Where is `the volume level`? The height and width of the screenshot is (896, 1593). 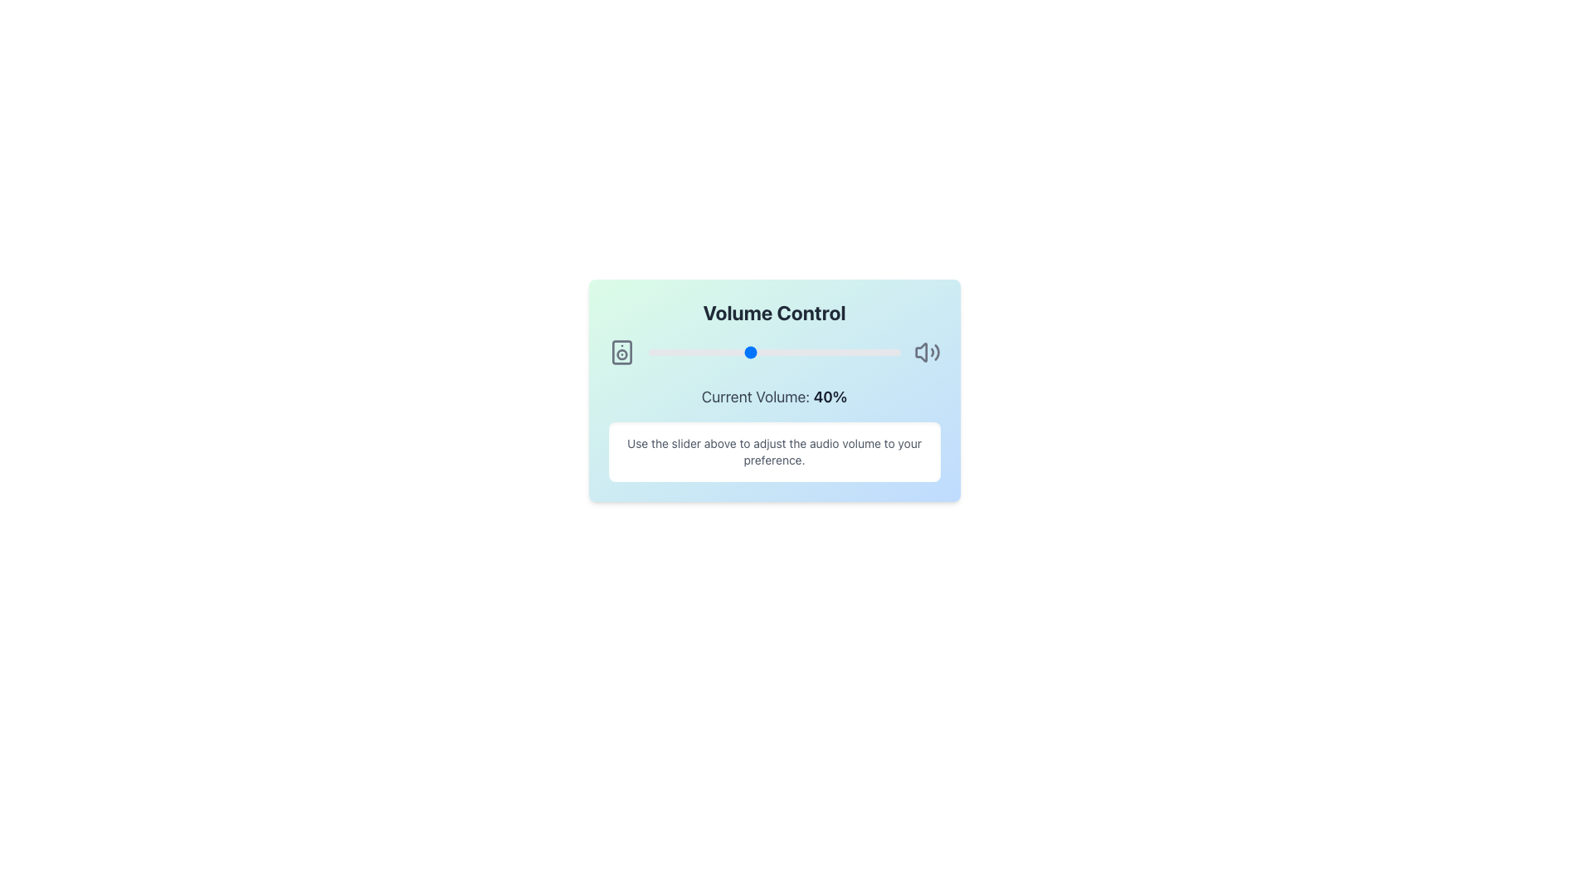 the volume level is located at coordinates (673, 351).